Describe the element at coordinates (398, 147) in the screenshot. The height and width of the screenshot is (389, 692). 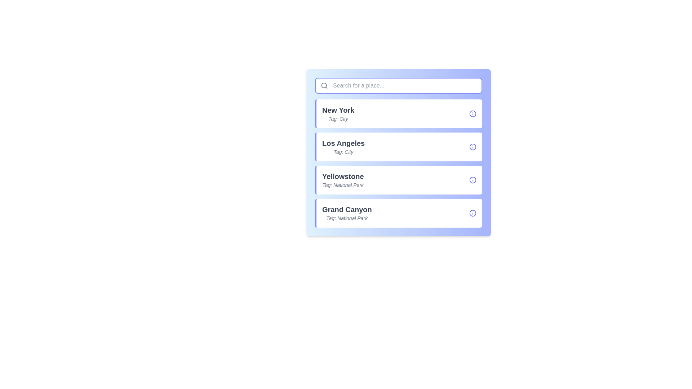
I see `the 'Los Angeles' list item card for keyboard navigation` at that location.